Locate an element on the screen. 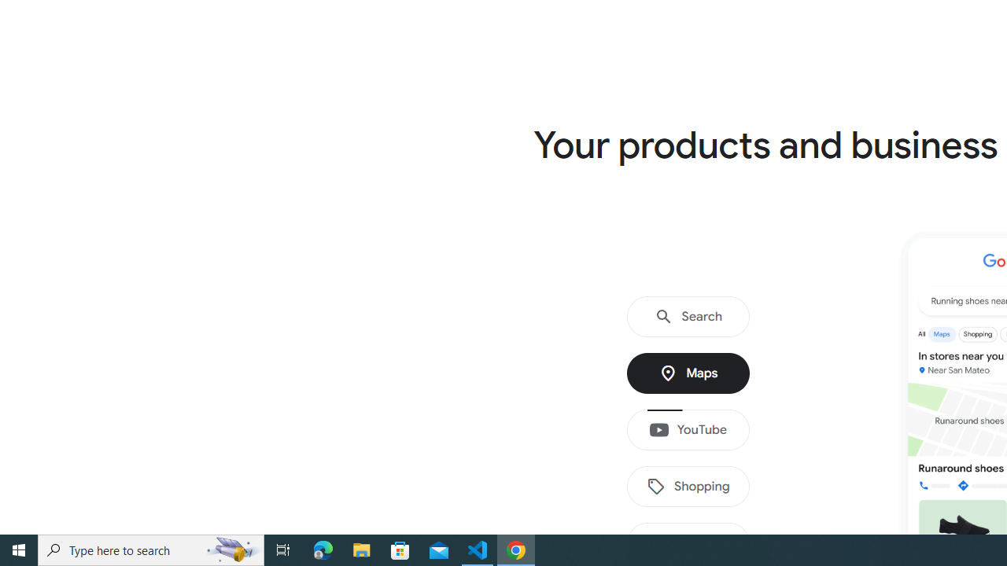 This screenshot has width=1007, height=566. 'Shopping' is located at coordinates (688, 486).